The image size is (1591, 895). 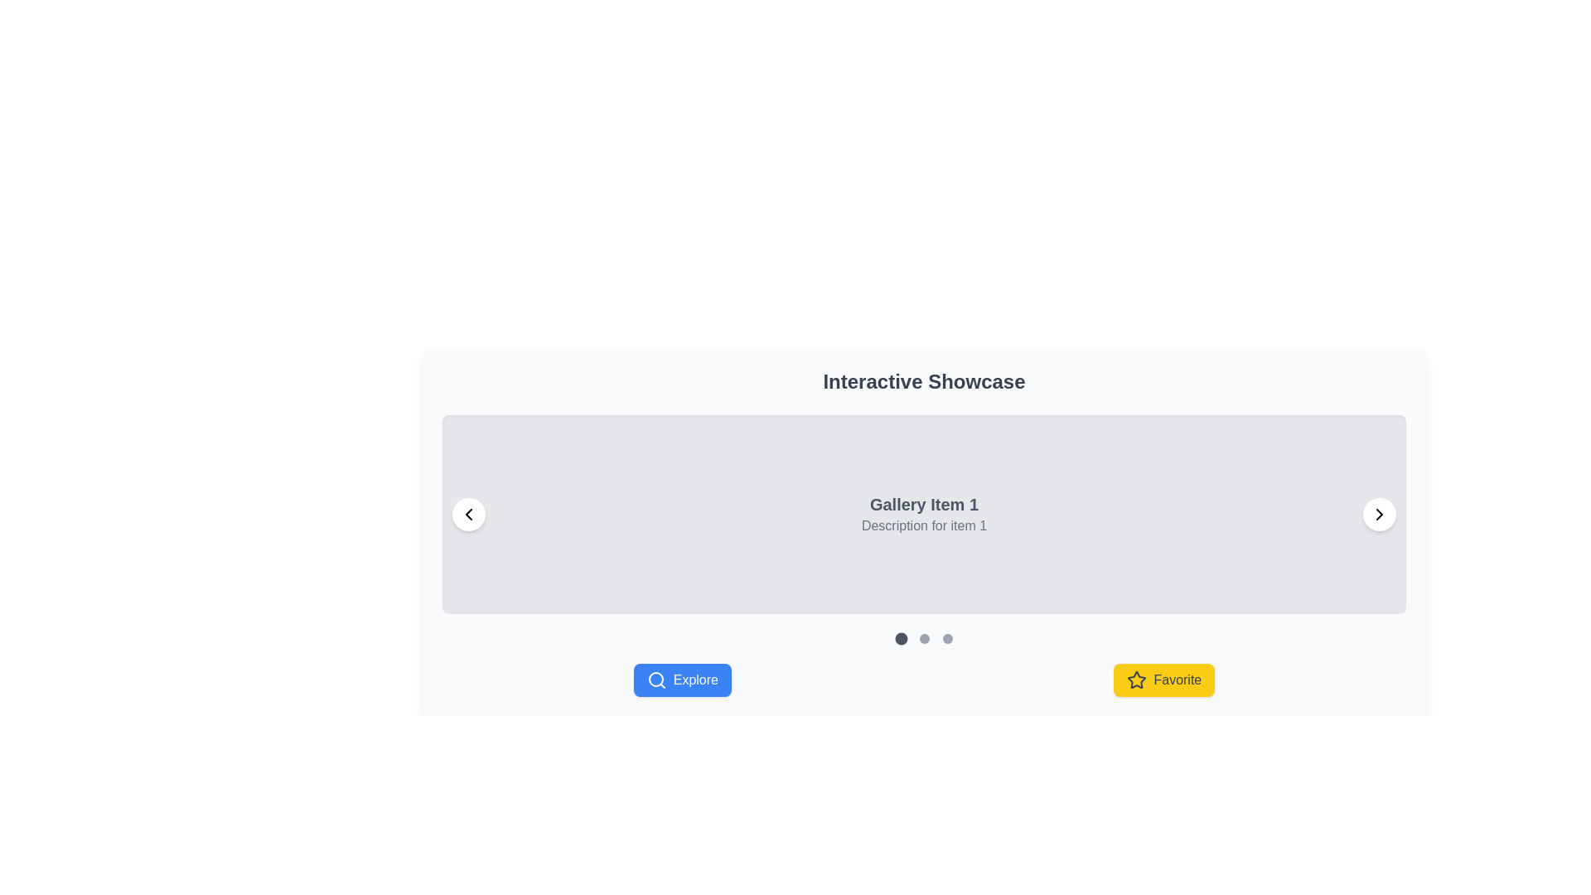 What do you see at coordinates (655, 680) in the screenshot?
I see `the magnifying glass icon that is part of the 'Explore' button, located on the left side of the button next to the text` at bounding box center [655, 680].